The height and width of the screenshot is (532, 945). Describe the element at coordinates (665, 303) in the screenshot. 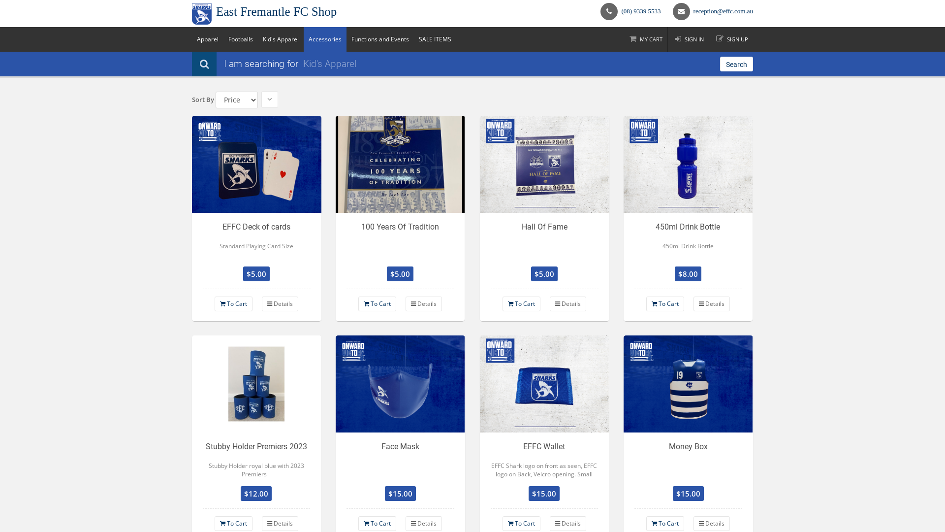

I see `'To Cart'` at that location.